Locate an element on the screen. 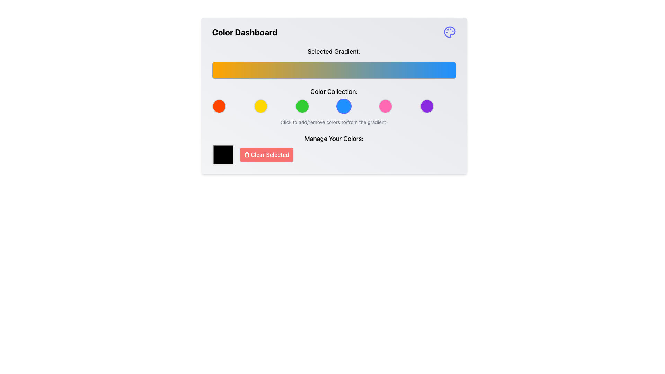 This screenshot has width=665, height=374. the fourth circular button in the Color Collection grid to focus on it is located at coordinates (344, 106).